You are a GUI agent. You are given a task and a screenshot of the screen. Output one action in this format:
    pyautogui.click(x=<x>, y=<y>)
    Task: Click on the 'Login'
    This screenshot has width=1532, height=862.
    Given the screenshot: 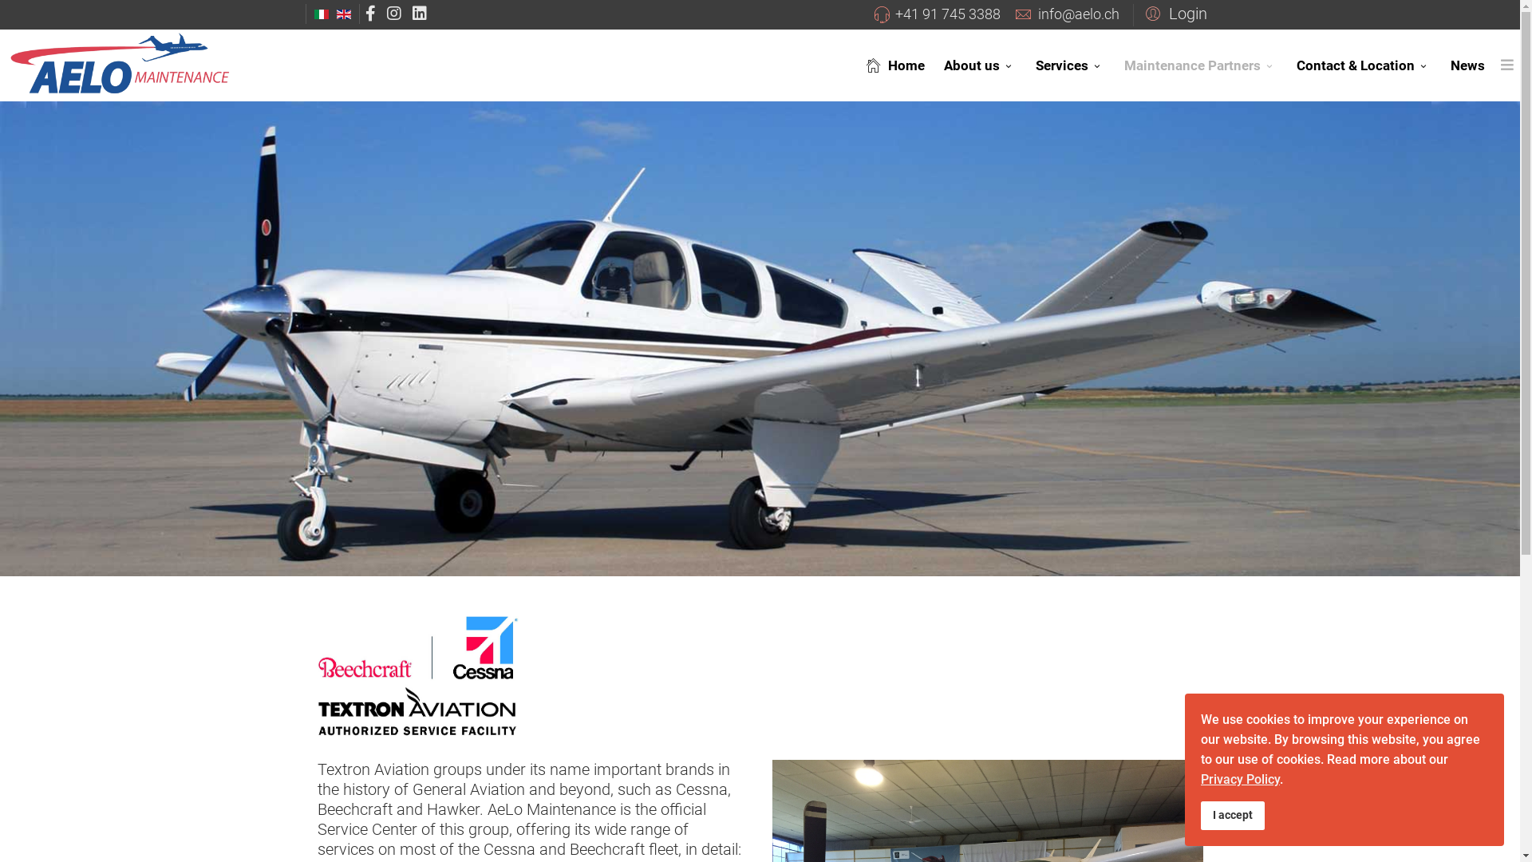 What is the action you would take?
    pyautogui.click(x=1132, y=12)
    